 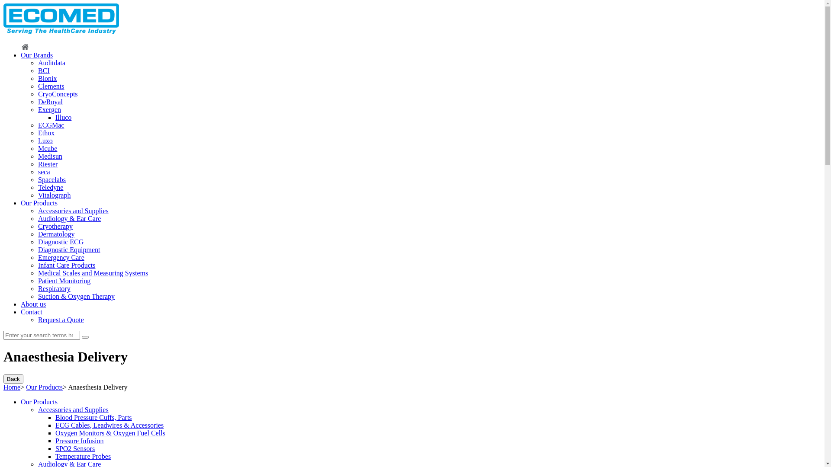 I want to click on 'Riester', so click(x=47, y=164).